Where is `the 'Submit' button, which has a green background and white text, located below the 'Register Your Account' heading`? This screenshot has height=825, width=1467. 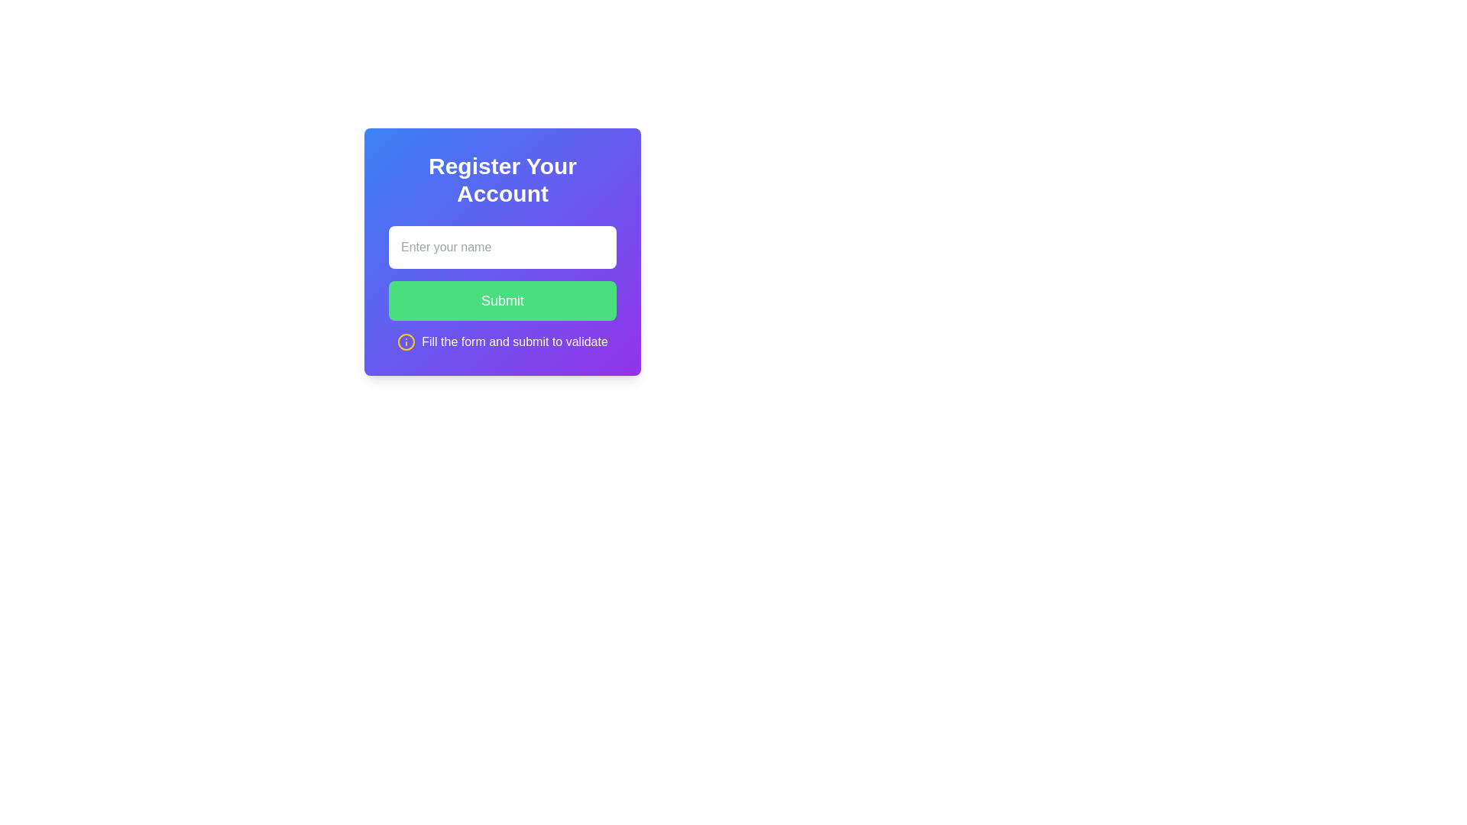
the 'Submit' button, which has a green background and white text, located below the 'Register Your Account' heading is located at coordinates (502, 289).